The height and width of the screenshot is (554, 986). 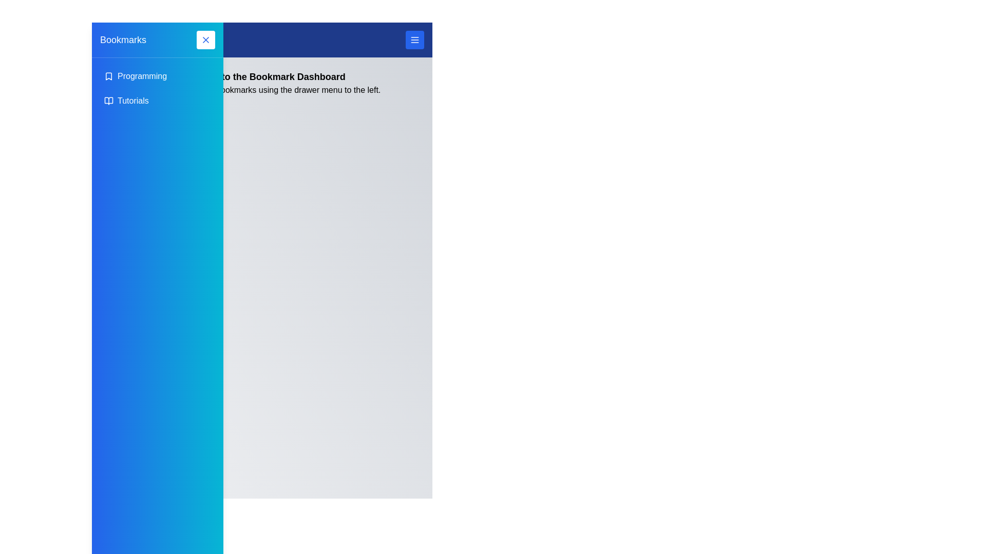 What do you see at coordinates (205, 39) in the screenshot?
I see `the blue 'X' icon button in the top-right corner of the navigation drawer` at bounding box center [205, 39].